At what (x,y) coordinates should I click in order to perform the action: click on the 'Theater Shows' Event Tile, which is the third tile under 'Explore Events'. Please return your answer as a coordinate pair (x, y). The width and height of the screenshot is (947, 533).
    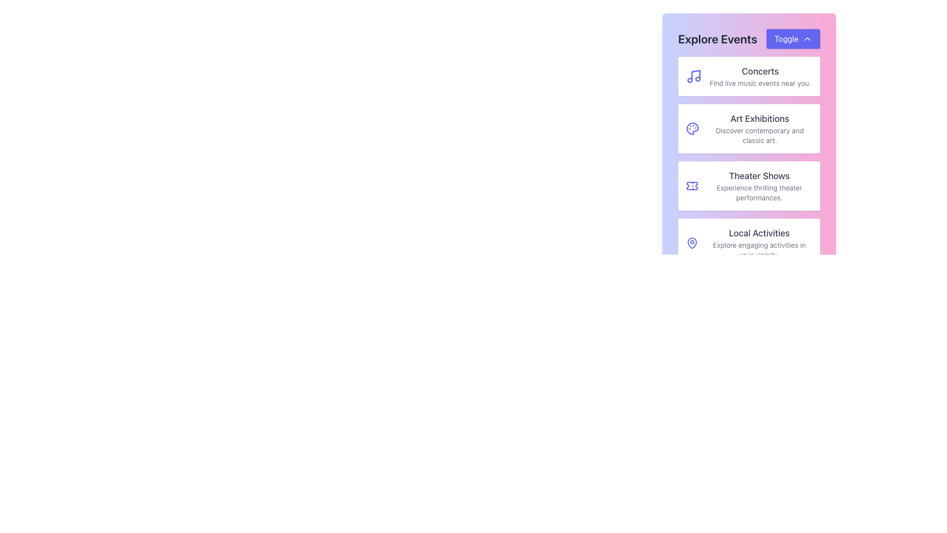
    Looking at the image, I should click on (749, 161).